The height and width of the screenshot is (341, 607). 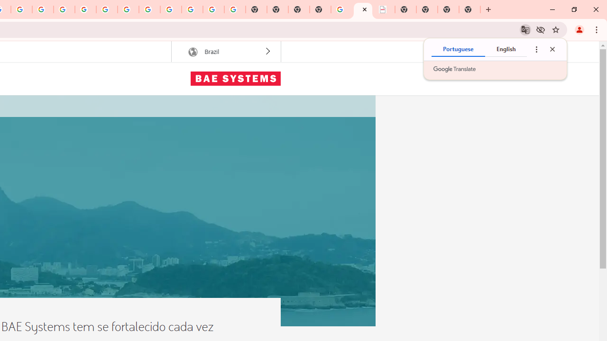 What do you see at coordinates (235, 78) in the screenshot?
I see `'BAE Systems'` at bounding box center [235, 78].